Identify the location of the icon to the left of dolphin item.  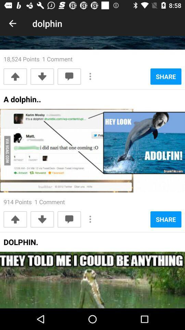
(12, 23).